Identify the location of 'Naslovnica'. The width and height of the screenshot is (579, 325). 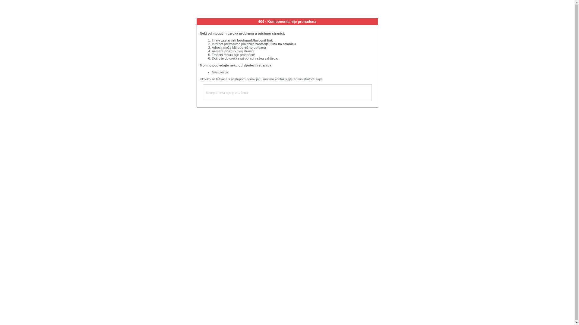
(220, 72).